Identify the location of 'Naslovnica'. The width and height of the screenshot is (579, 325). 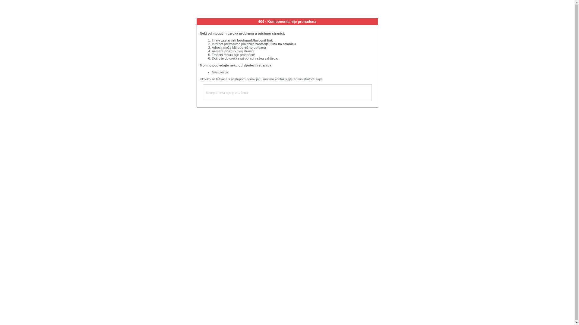
(220, 72).